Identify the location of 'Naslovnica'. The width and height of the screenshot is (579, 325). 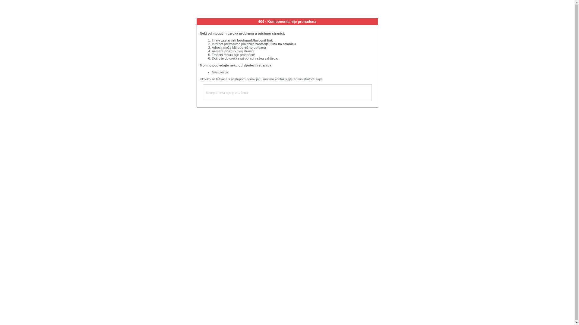
(220, 72).